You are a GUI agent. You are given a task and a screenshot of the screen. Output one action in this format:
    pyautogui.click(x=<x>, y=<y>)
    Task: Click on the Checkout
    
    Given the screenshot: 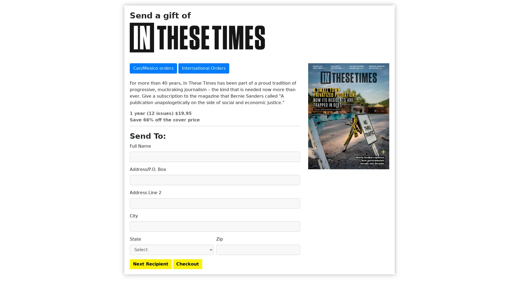 What is the action you would take?
    pyautogui.click(x=188, y=263)
    